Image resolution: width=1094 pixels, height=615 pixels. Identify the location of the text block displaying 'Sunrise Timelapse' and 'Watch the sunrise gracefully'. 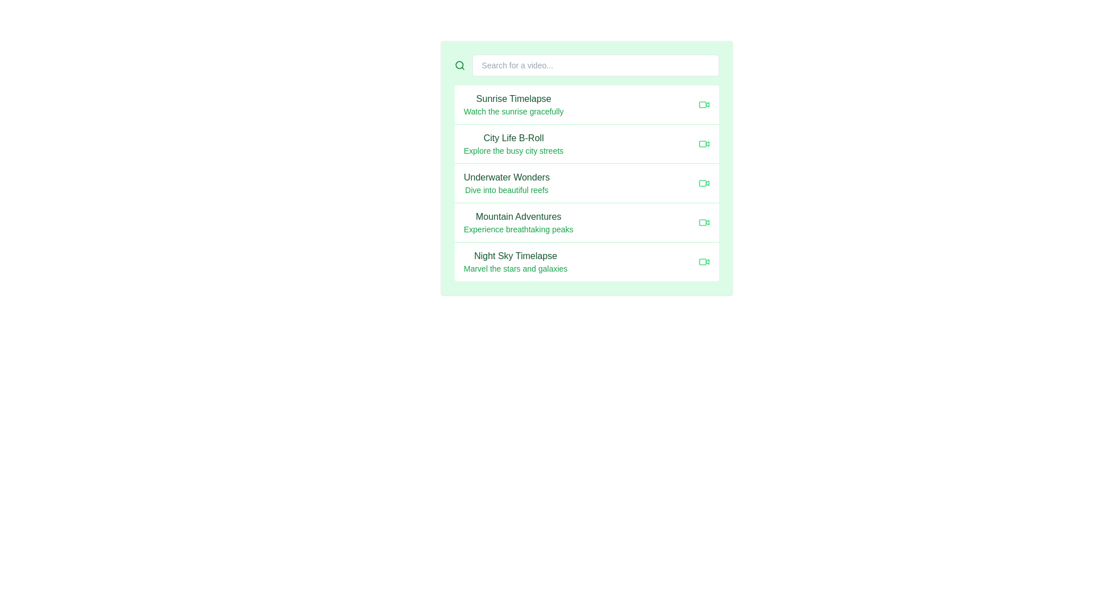
(513, 105).